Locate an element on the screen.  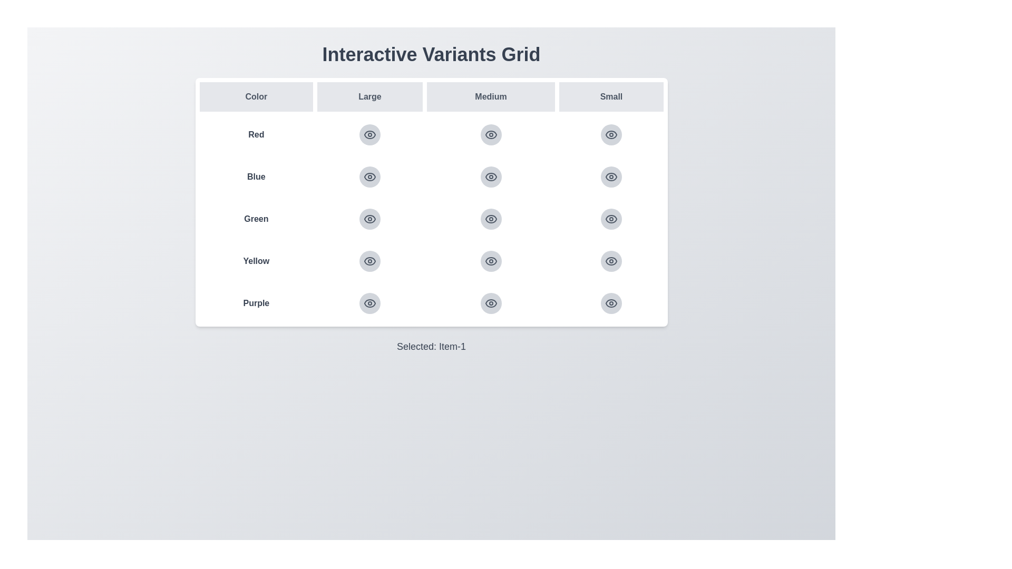
the eye icon located in the last row under the 'Small' header, styled with thin gray line strokes for accessibility is located at coordinates (611, 261).